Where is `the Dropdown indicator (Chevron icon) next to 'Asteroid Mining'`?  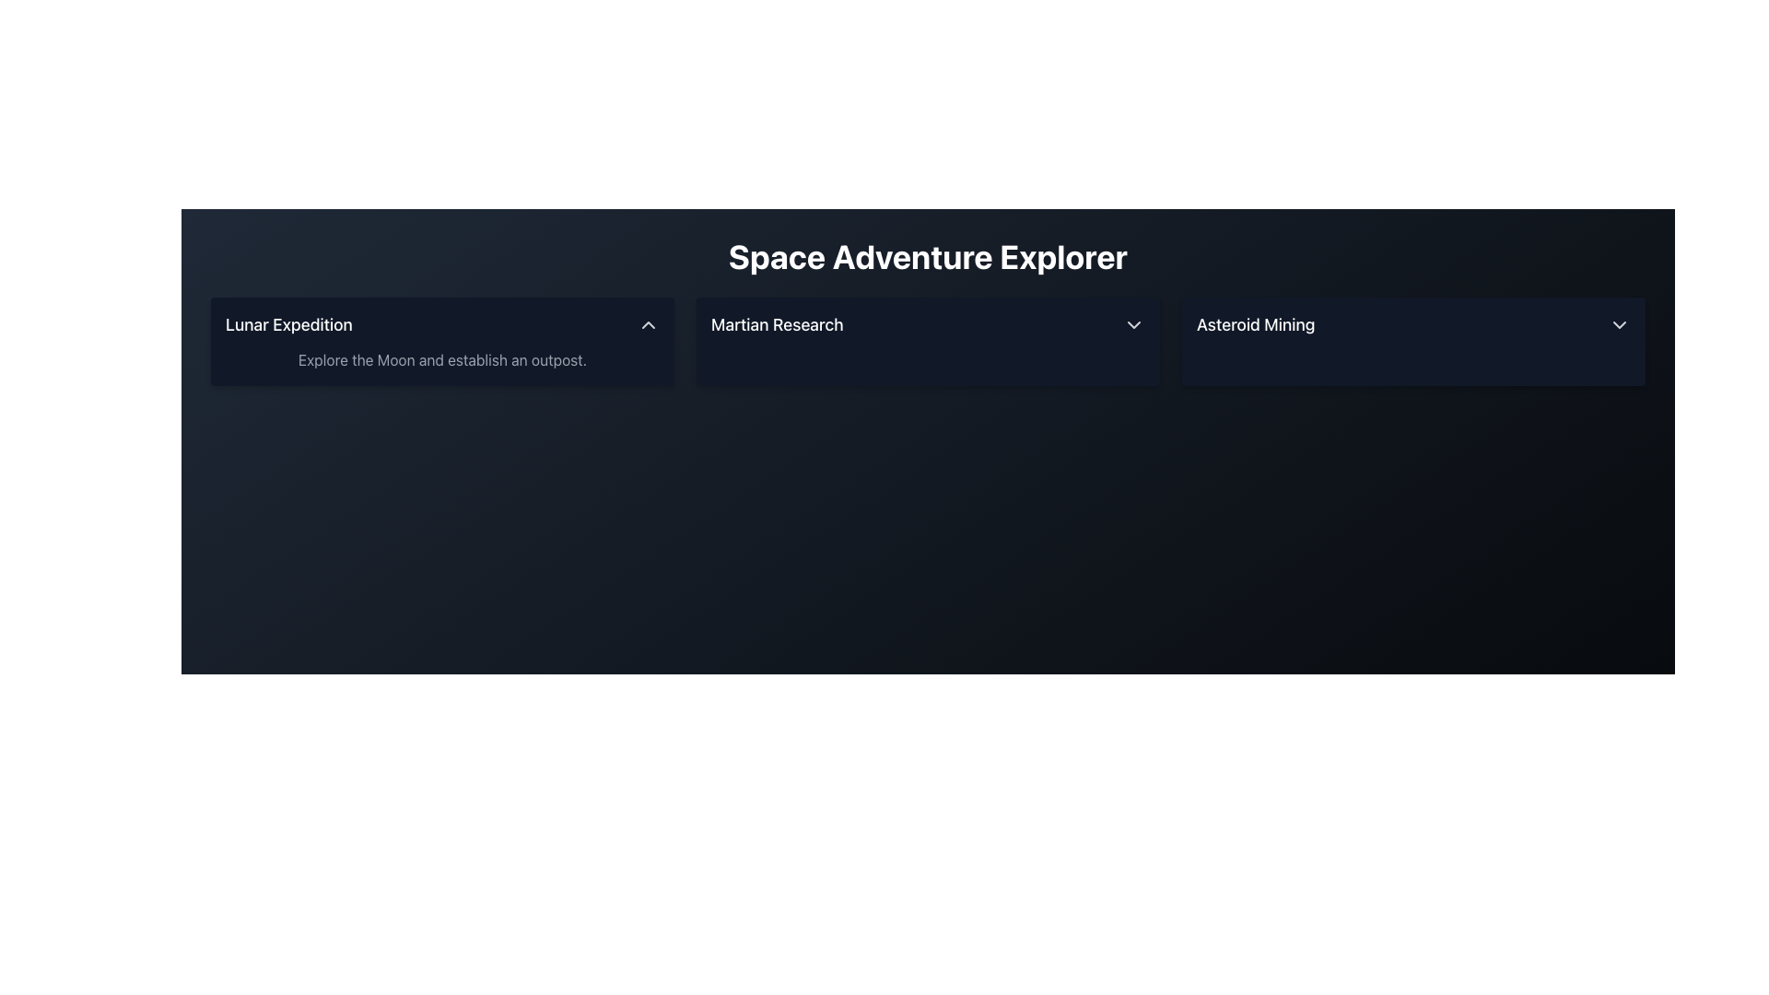 the Dropdown indicator (Chevron icon) next to 'Asteroid Mining' is located at coordinates (1618, 324).